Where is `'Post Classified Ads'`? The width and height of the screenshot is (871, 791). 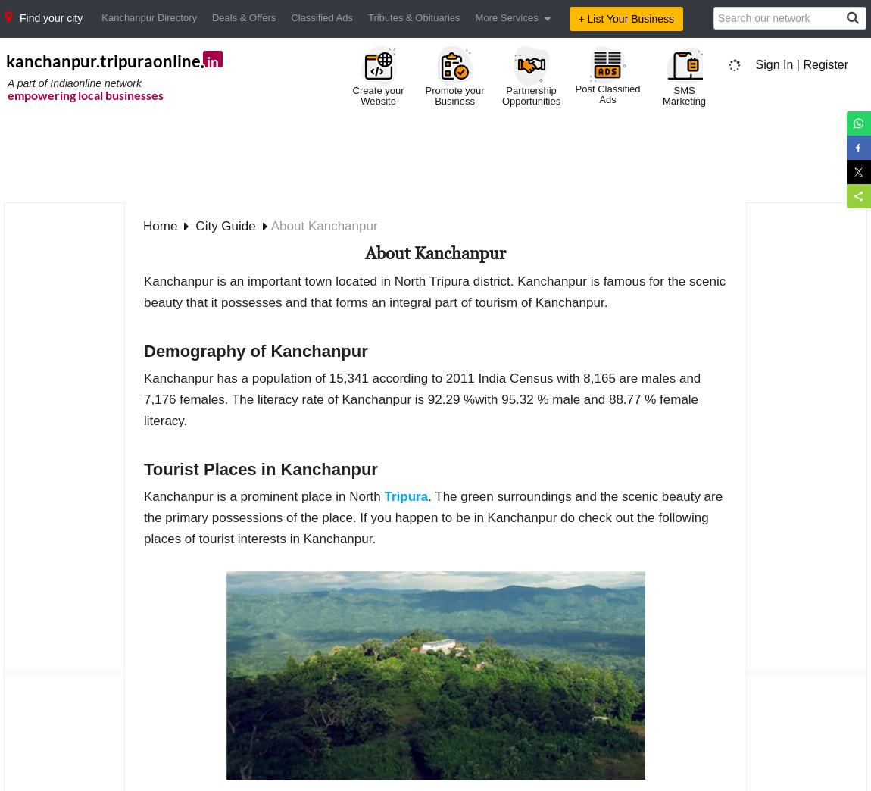
'Post Classified Ads' is located at coordinates (574, 93).